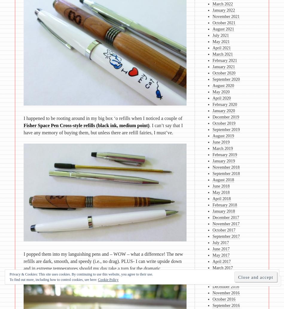 The height and width of the screenshot is (309, 284). What do you see at coordinates (223, 111) in the screenshot?
I see `'January 2020'` at bounding box center [223, 111].